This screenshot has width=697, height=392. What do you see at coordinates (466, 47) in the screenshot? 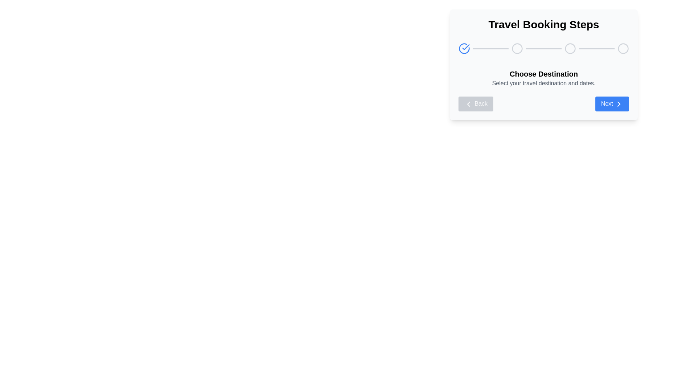
I see `the checkmark icon that indicates the completion of the 'Choose Destination' step in the Travel Booking Steps interface` at bounding box center [466, 47].